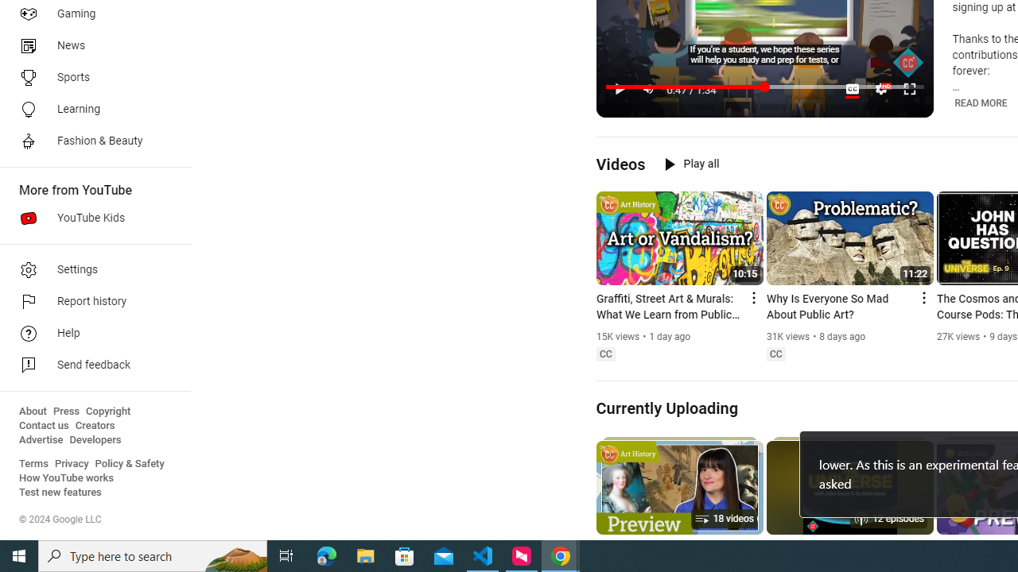 This screenshot has height=572, width=1018. What do you see at coordinates (980, 102) in the screenshot?
I see `'READ MORE'` at bounding box center [980, 102].